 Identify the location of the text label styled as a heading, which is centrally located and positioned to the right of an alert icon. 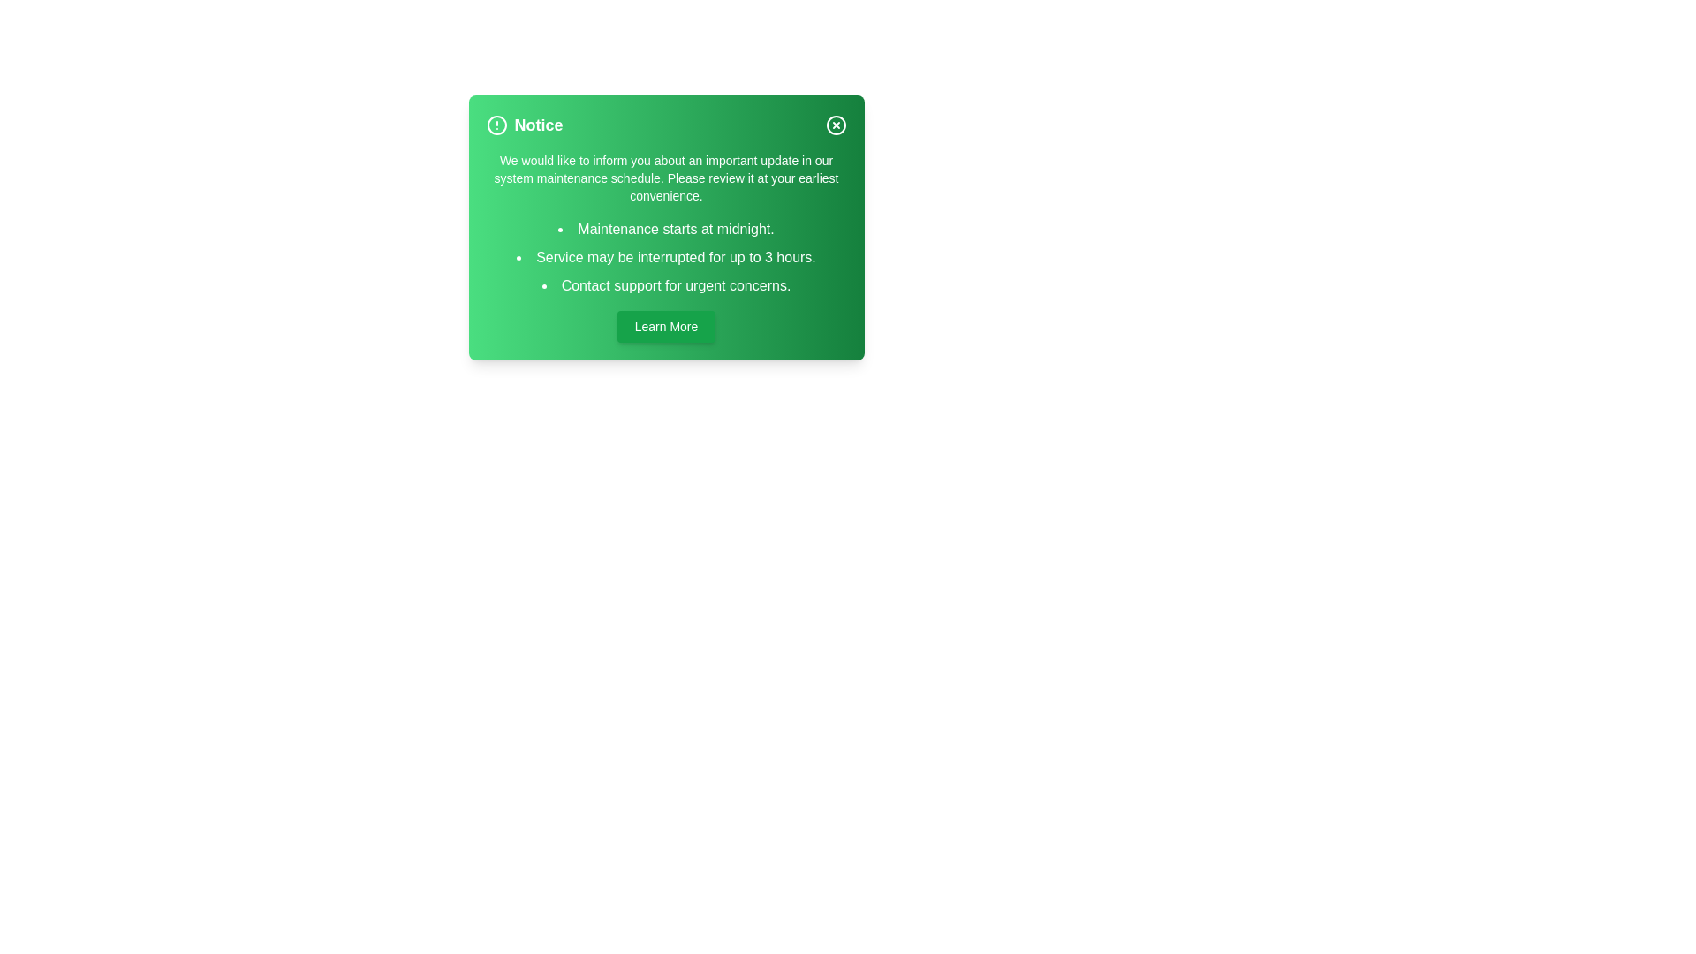
(537, 125).